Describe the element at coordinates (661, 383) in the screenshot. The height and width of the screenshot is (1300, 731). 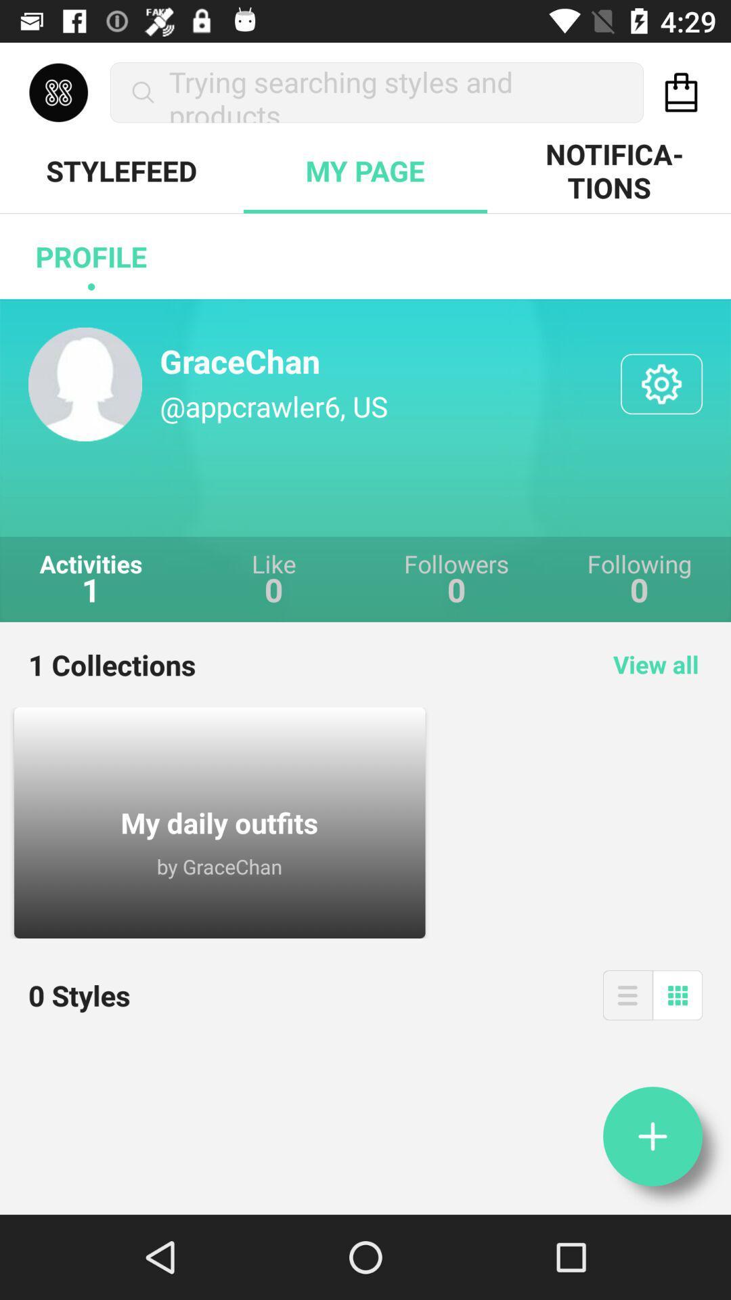
I see `item next to the @appcrawler6, us` at that location.